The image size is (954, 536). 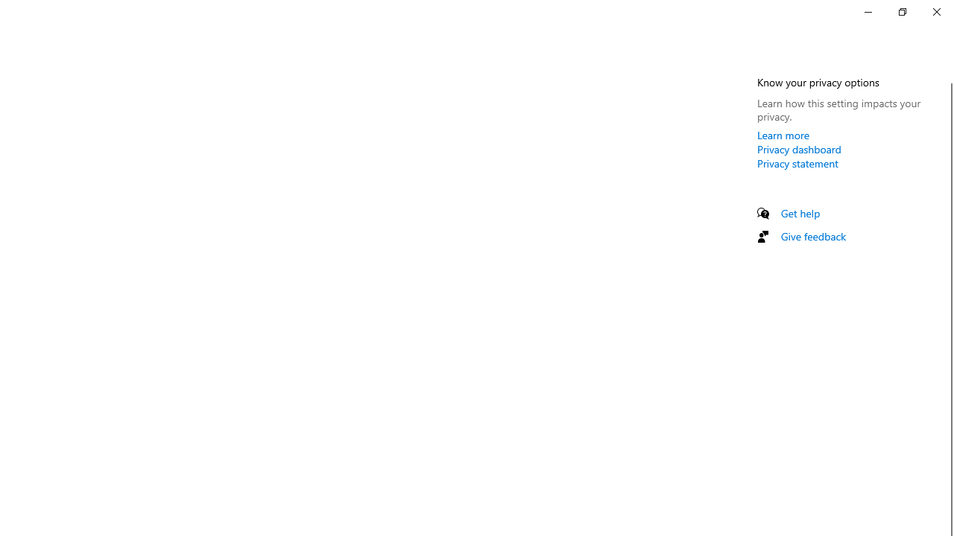 What do you see at coordinates (812, 235) in the screenshot?
I see `'Give feedback'` at bounding box center [812, 235].